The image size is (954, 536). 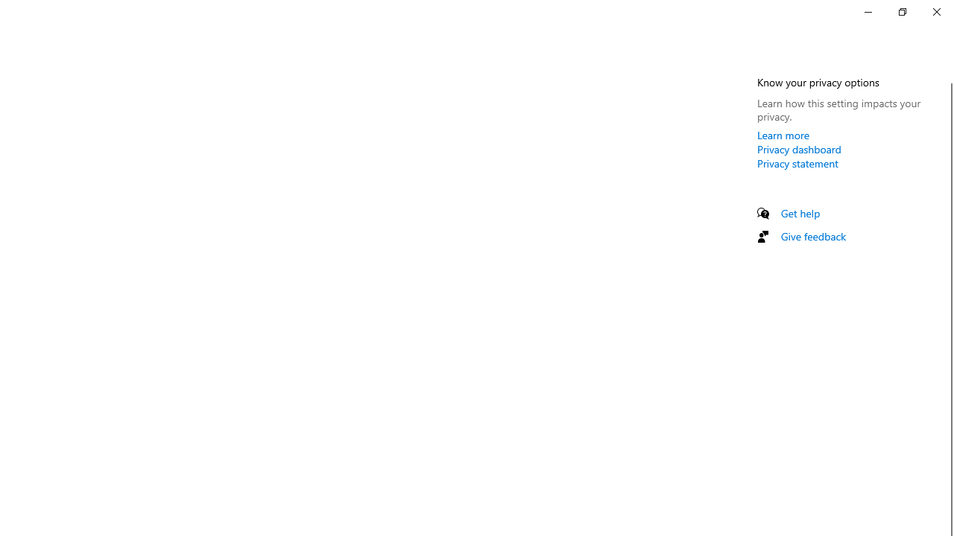 What do you see at coordinates (812, 235) in the screenshot?
I see `'Give feedback'` at bounding box center [812, 235].